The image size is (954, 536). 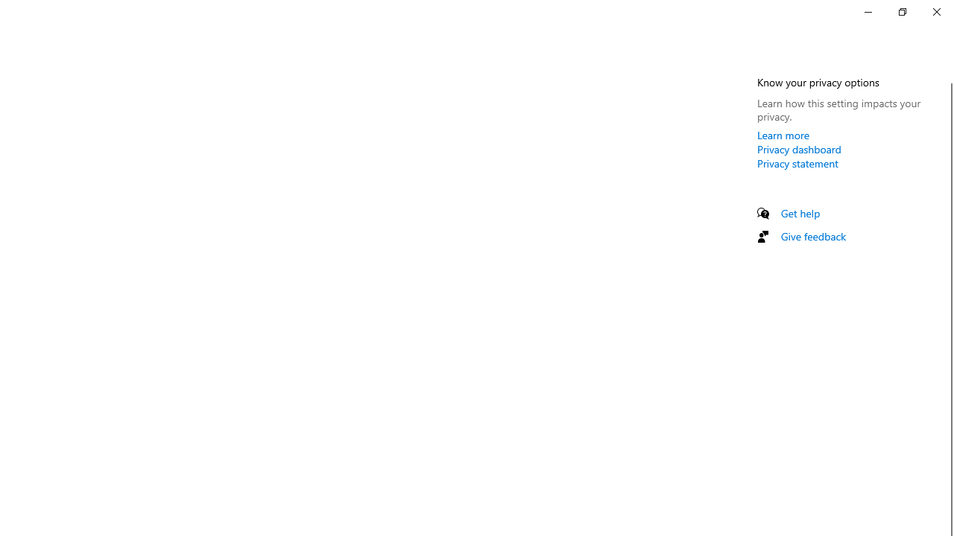 What do you see at coordinates (812, 235) in the screenshot?
I see `'Give feedback'` at bounding box center [812, 235].